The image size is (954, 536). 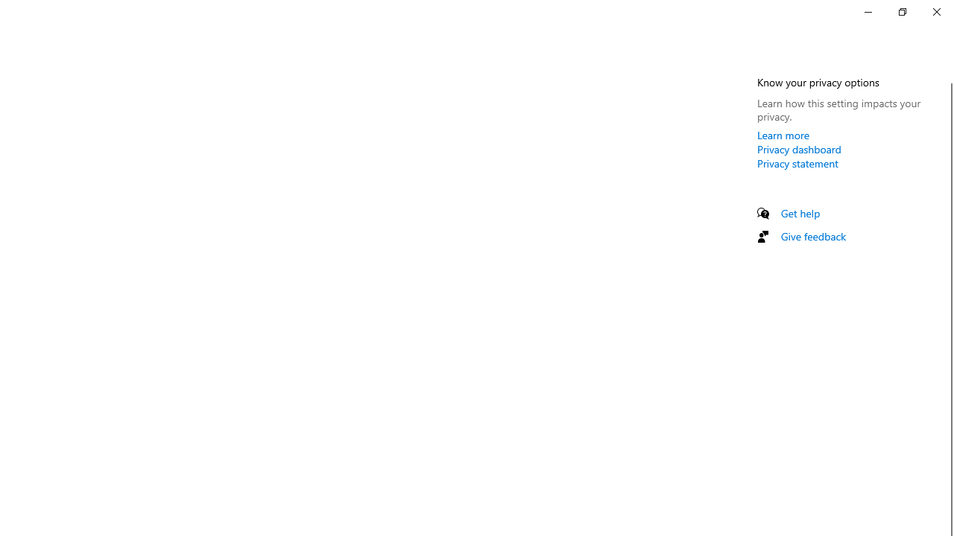 What do you see at coordinates (812, 235) in the screenshot?
I see `'Give feedback'` at bounding box center [812, 235].